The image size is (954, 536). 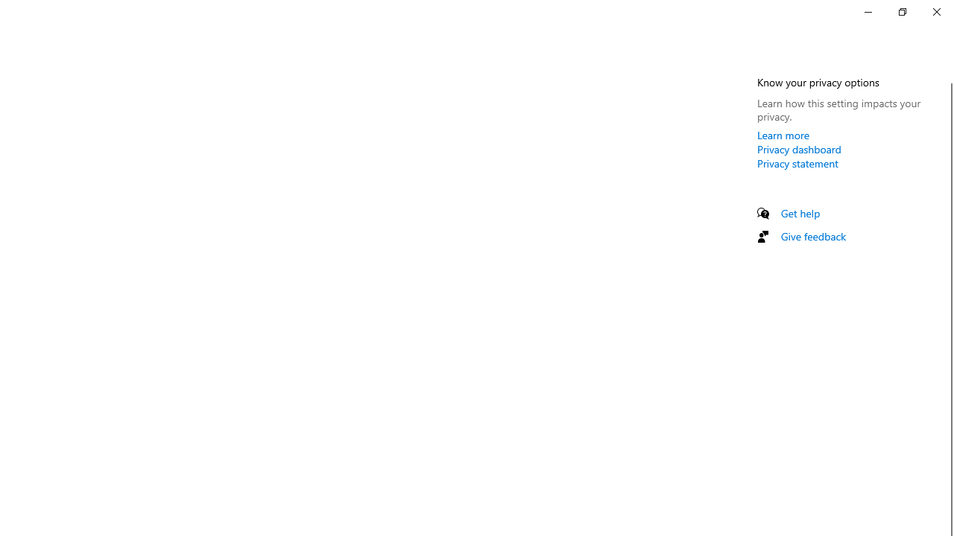 What do you see at coordinates (812, 235) in the screenshot?
I see `'Give feedback'` at bounding box center [812, 235].